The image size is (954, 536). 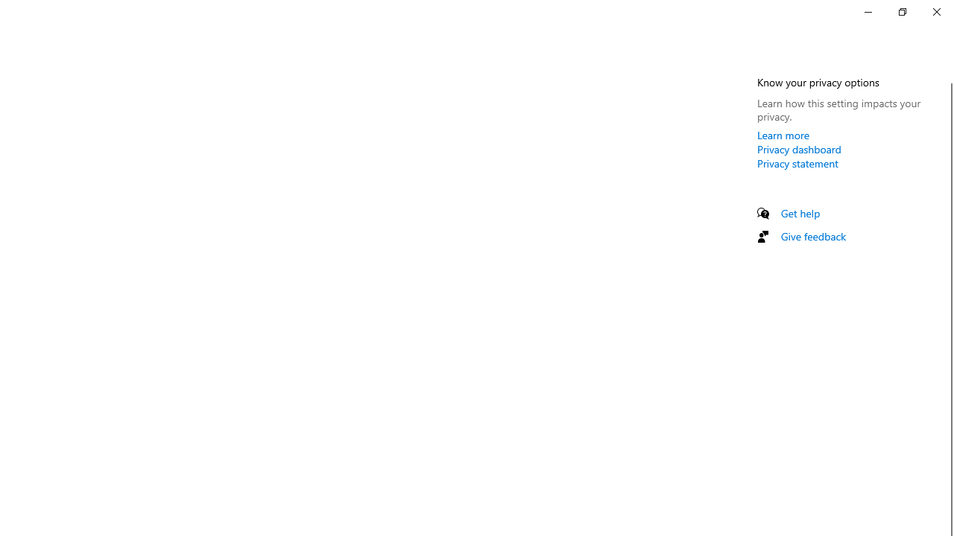 What do you see at coordinates (812, 235) in the screenshot?
I see `'Give feedback'` at bounding box center [812, 235].